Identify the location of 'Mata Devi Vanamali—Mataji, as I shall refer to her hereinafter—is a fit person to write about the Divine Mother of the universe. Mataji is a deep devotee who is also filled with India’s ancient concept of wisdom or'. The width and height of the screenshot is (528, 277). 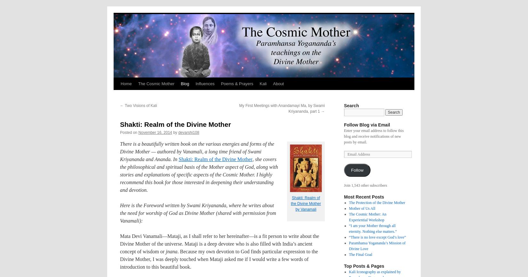
(219, 243).